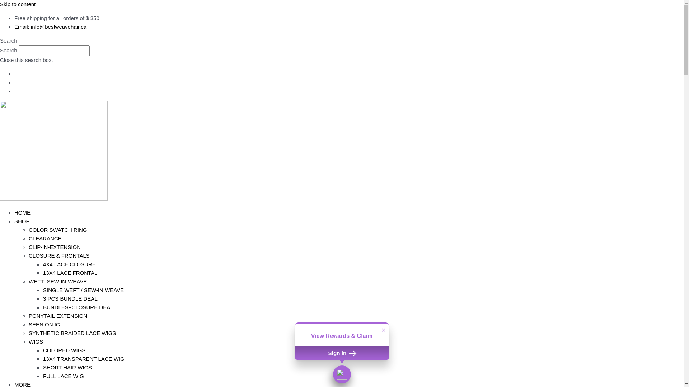 Image resolution: width=689 pixels, height=387 pixels. What do you see at coordinates (64, 350) in the screenshot?
I see `'COLORED WIGS'` at bounding box center [64, 350].